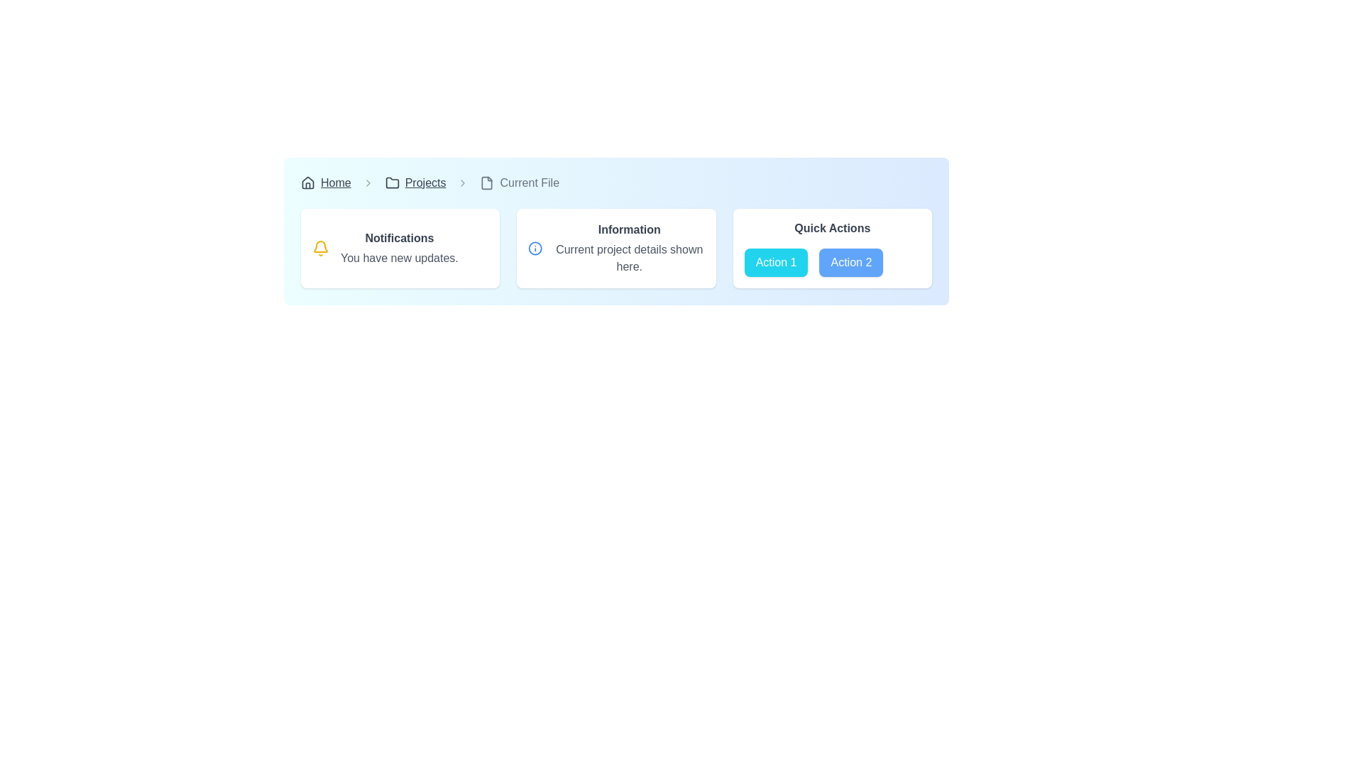 This screenshot has width=1363, height=767. Describe the element at coordinates (325, 183) in the screenshot. I see `the Interactive Text Link in the breadcrumb navigation bar` at that location.